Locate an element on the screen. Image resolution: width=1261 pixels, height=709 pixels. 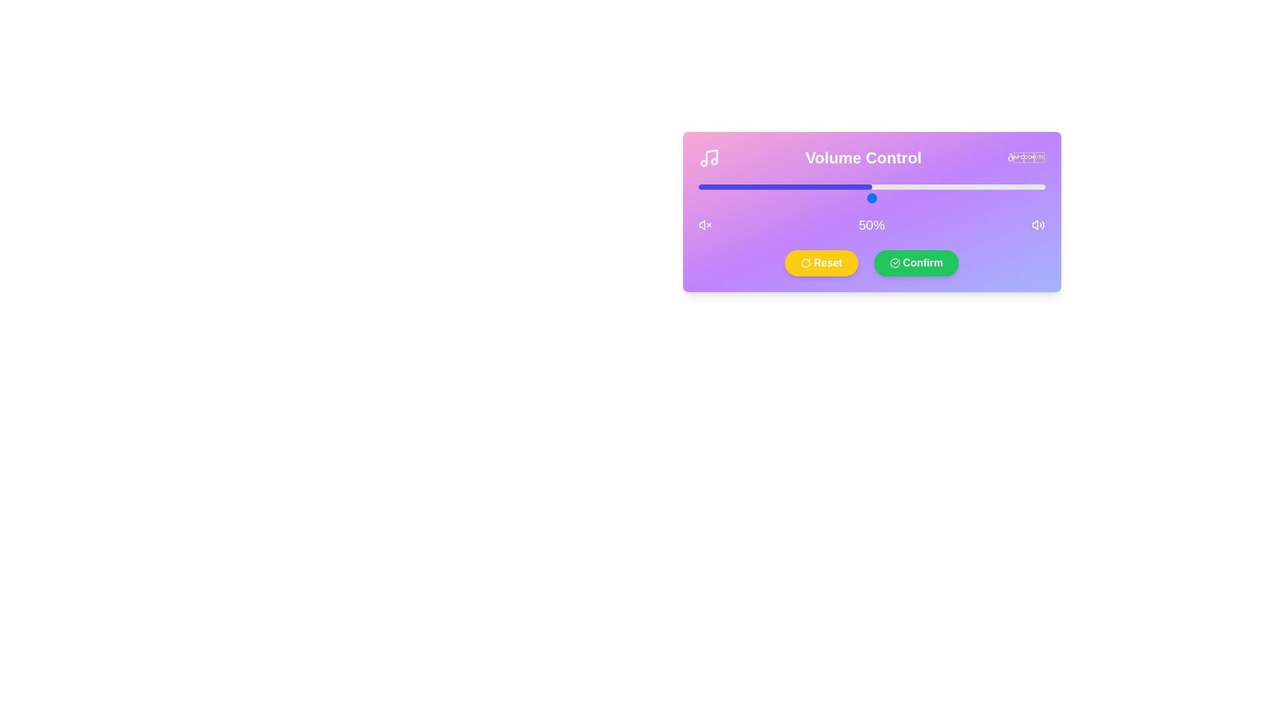
the confirm button located in the bottom center of the volume control interface, positioned to the right of the yellow 'Reset' button is located at coordinates (916, 263).